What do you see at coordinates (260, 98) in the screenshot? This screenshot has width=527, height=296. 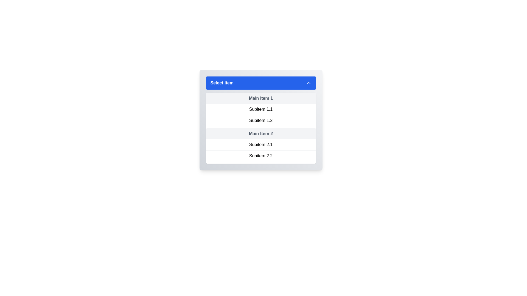 I see `the static text label 'Main Item 1' which is a rectangular region with a white background, rounded corners, and bold gray text, positioned under the blue header 'Select Item' in the dropdown menu` at bounding box center [260, 98].